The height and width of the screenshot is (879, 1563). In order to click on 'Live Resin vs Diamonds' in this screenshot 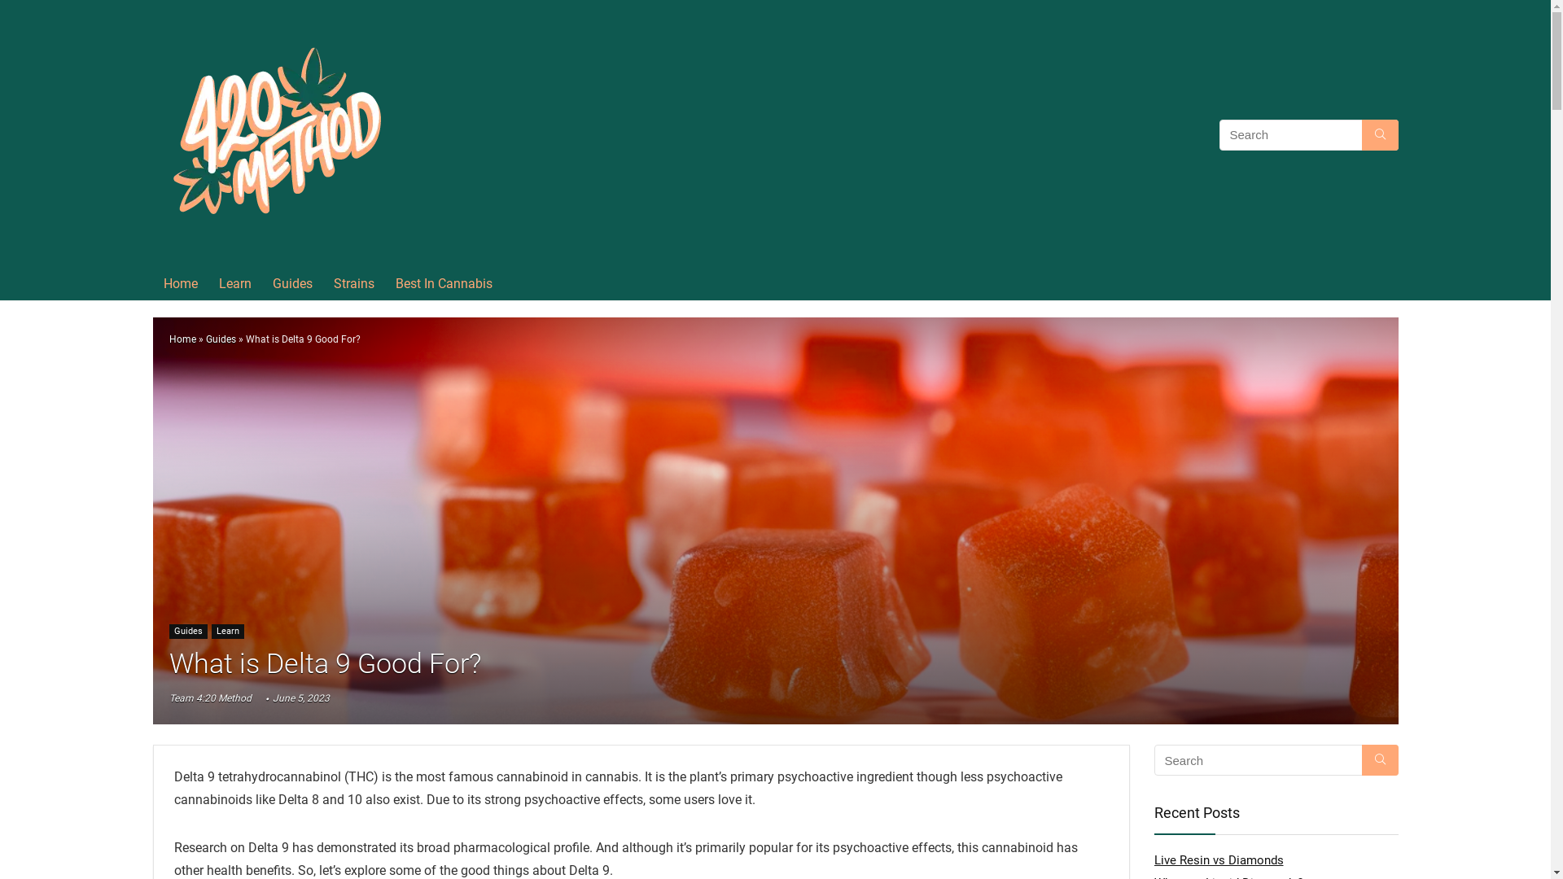, I will do `click(1219, 859)`.